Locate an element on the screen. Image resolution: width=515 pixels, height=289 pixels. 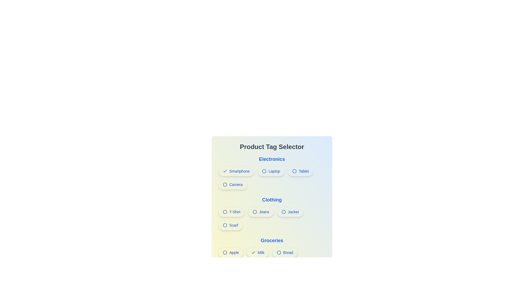
the 'Tablet' button which contains a circular icon with a thin outline, located in the top-right section of the 'Electronics' category in the 'Product Tag Selector' section is located at coordinates (294, 171).